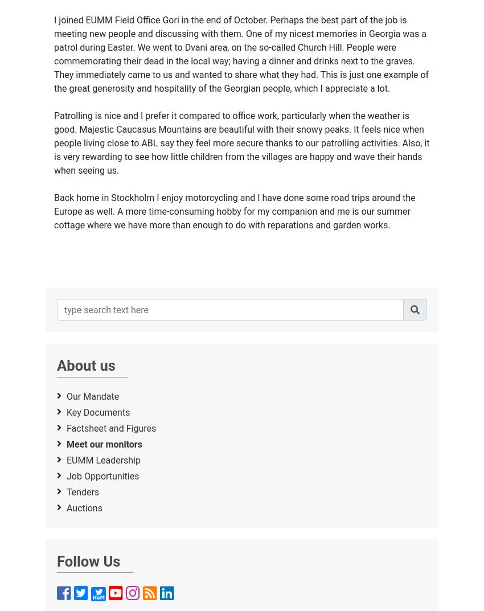 The width and height of the screenshot is (484, 611). What do you see at coordinates (103, 475) in the screenshot?
I see `'Job Opportunities ​'` at bounding box center [103, 475].